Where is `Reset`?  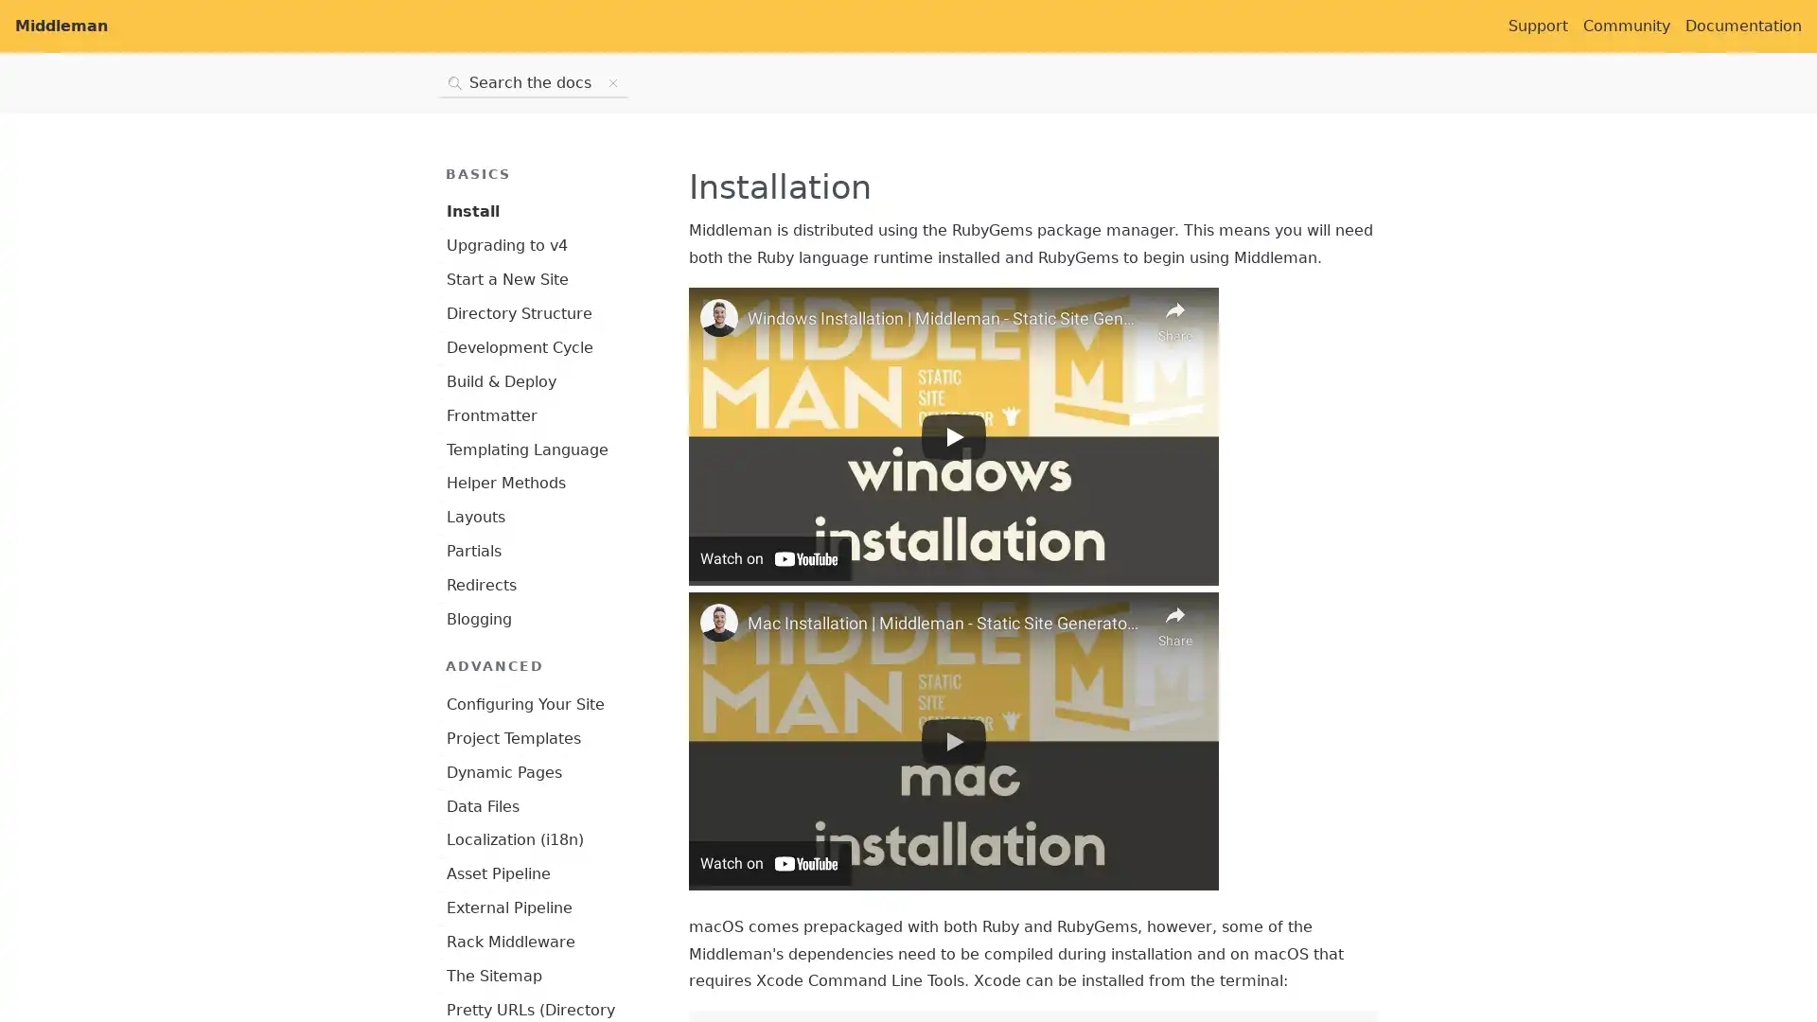 Reset is located at coordinates (613, 82).